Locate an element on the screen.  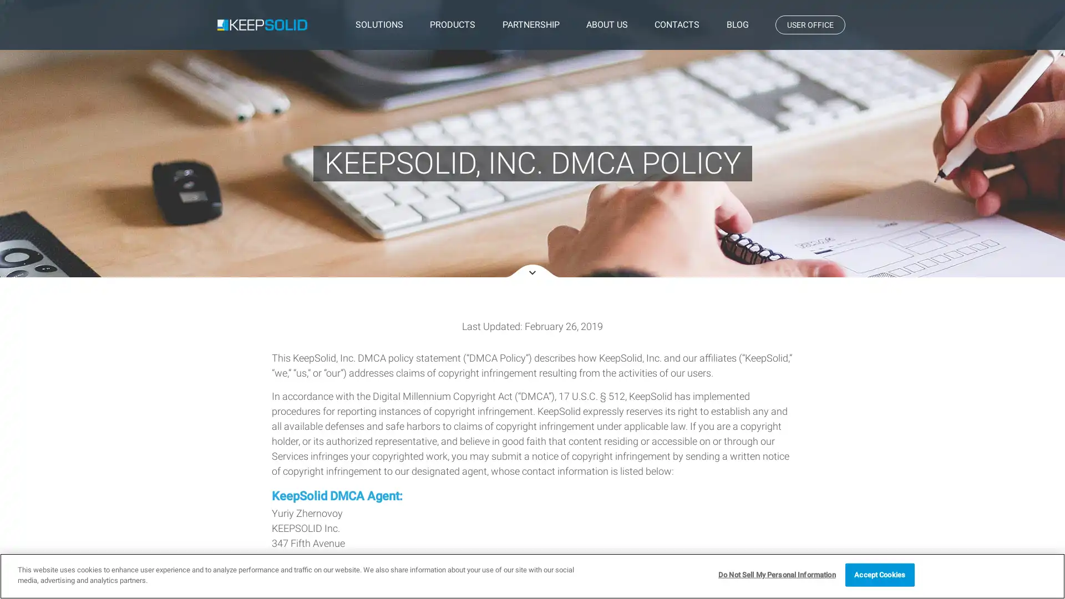
Do Not Sell My Personal Information is located at coordinates (776, 574).